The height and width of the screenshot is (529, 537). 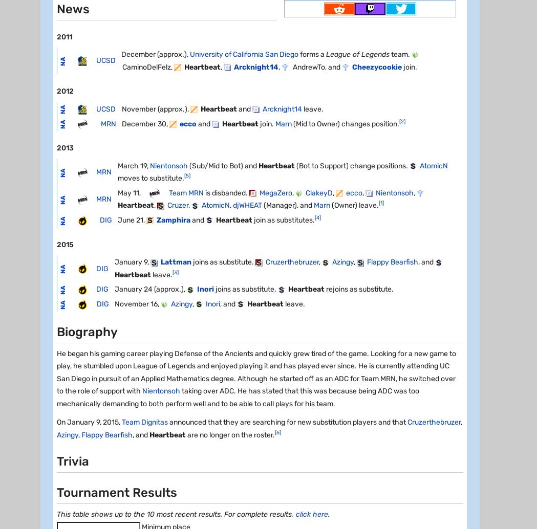 I want to click on 'Fandom', so click(x=56, y=105).